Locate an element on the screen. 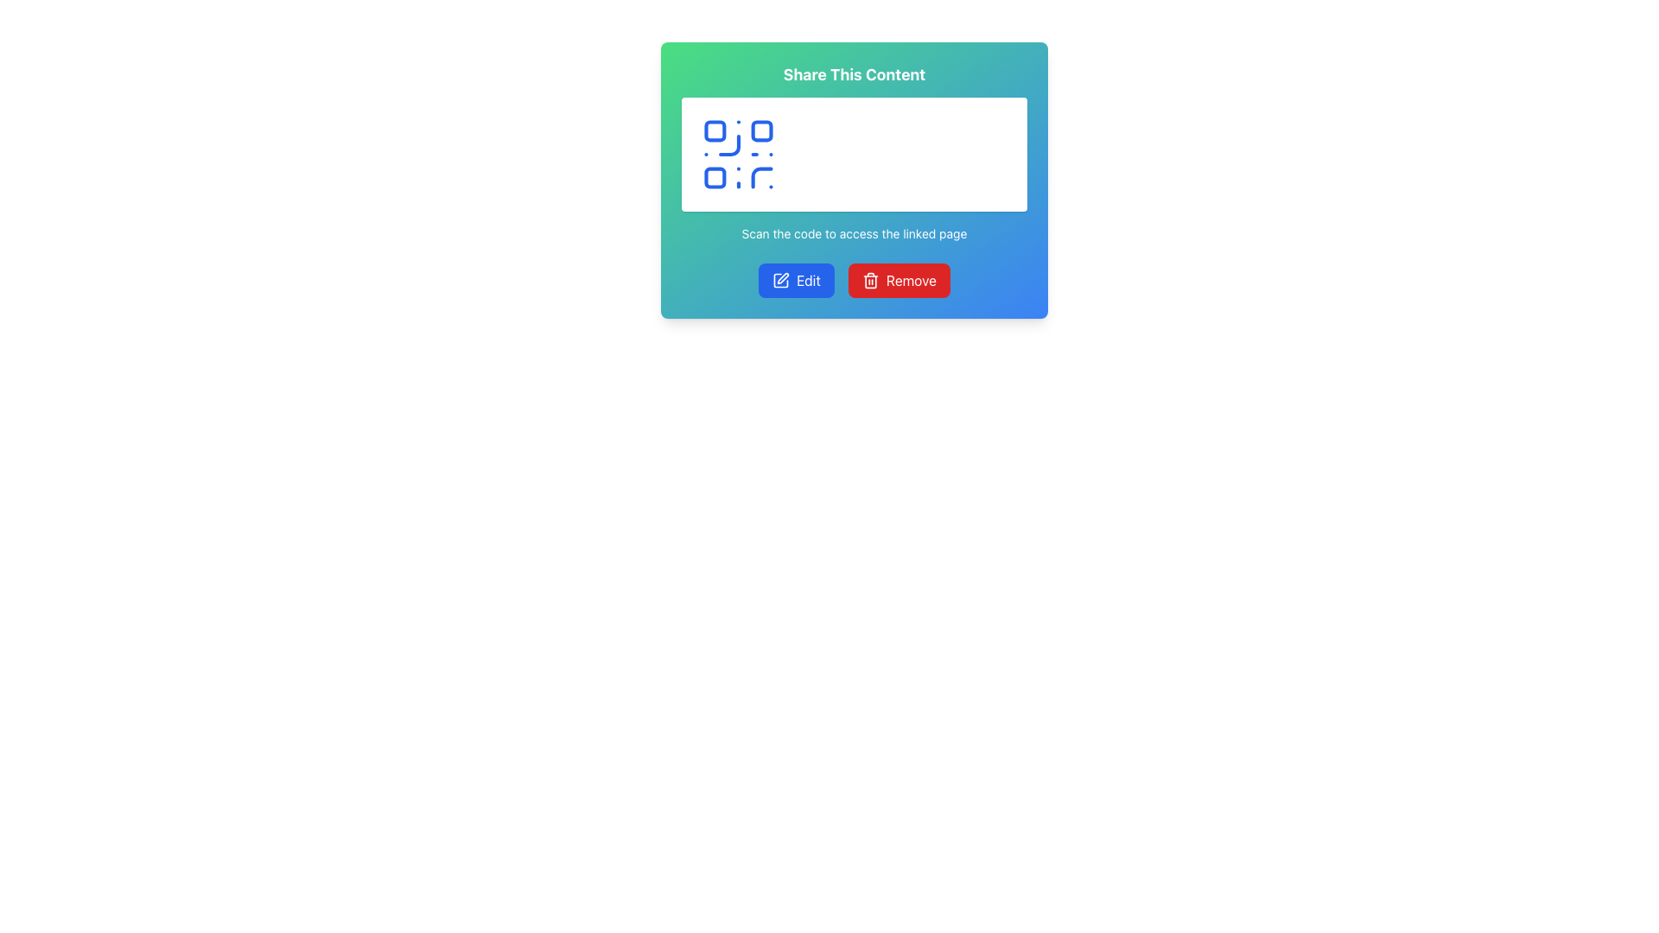  the text label that says 'Scan the code is located at coordinates (854, 233).